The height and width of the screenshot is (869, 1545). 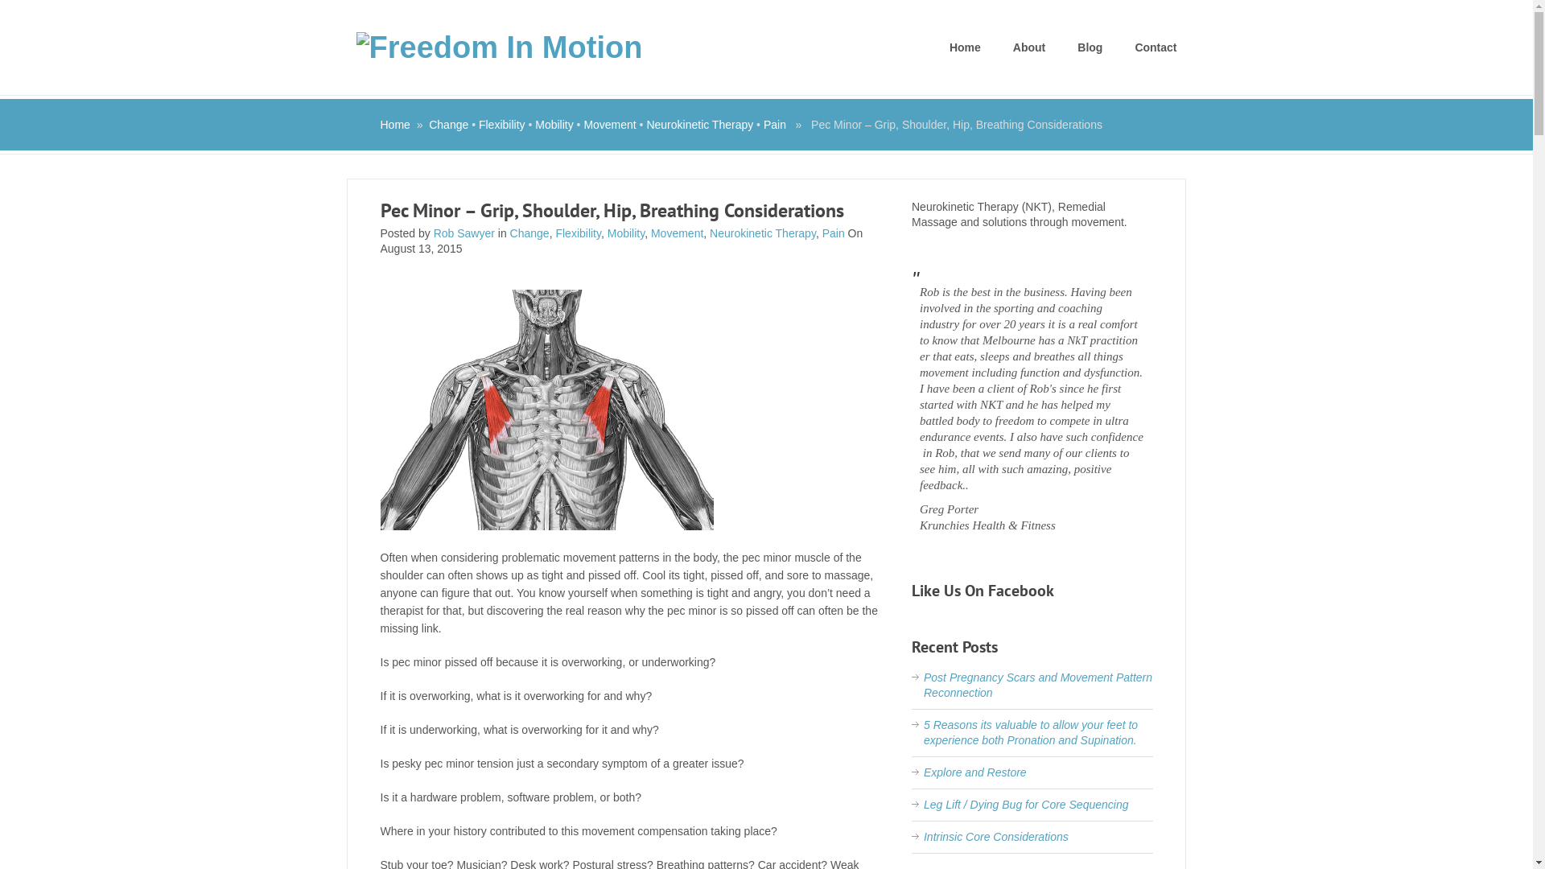 I want to click on 'Neurokinetic Therapy', so click(x=761, y=233).